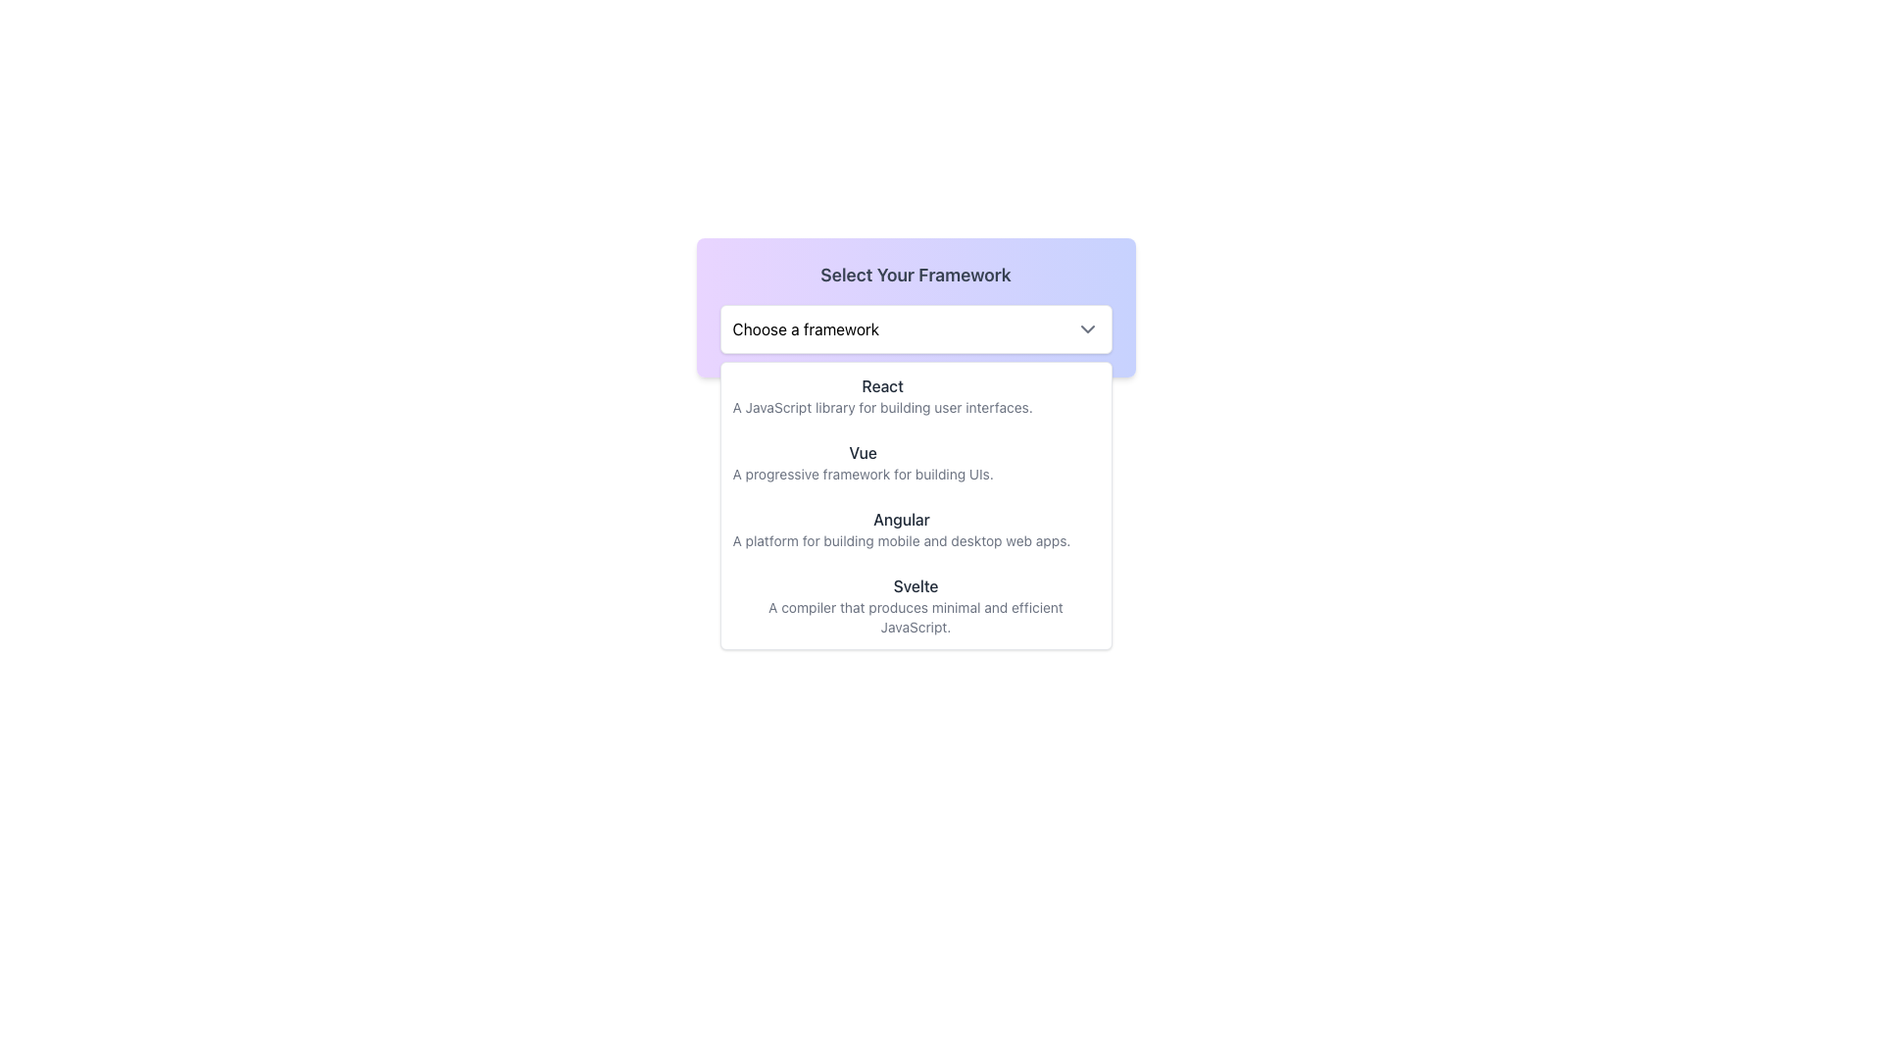 This screenshot has height=1059, width=1882. Describe the element at coordinates (900, 540) in the screenshot. I see `textual description located below the title 'Angular', which states 'A platform for building mobile and desktop web apps.'` at that location.